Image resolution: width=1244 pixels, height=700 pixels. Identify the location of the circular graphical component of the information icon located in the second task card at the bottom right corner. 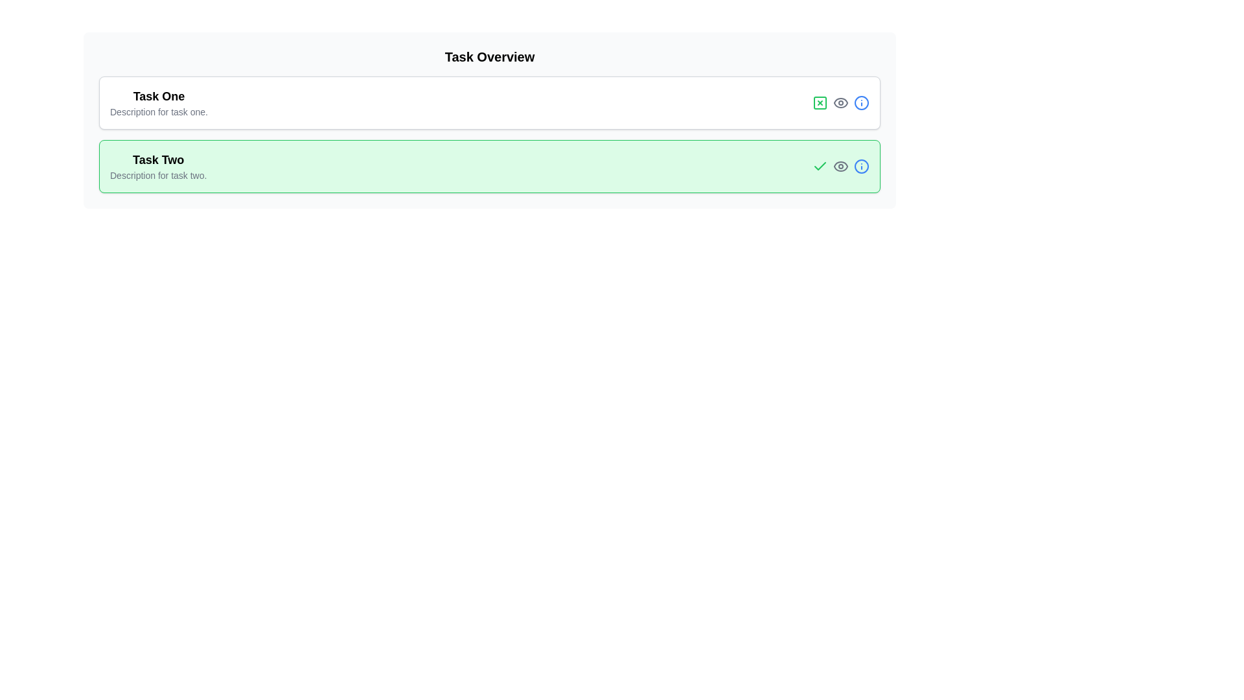
(861, 102).